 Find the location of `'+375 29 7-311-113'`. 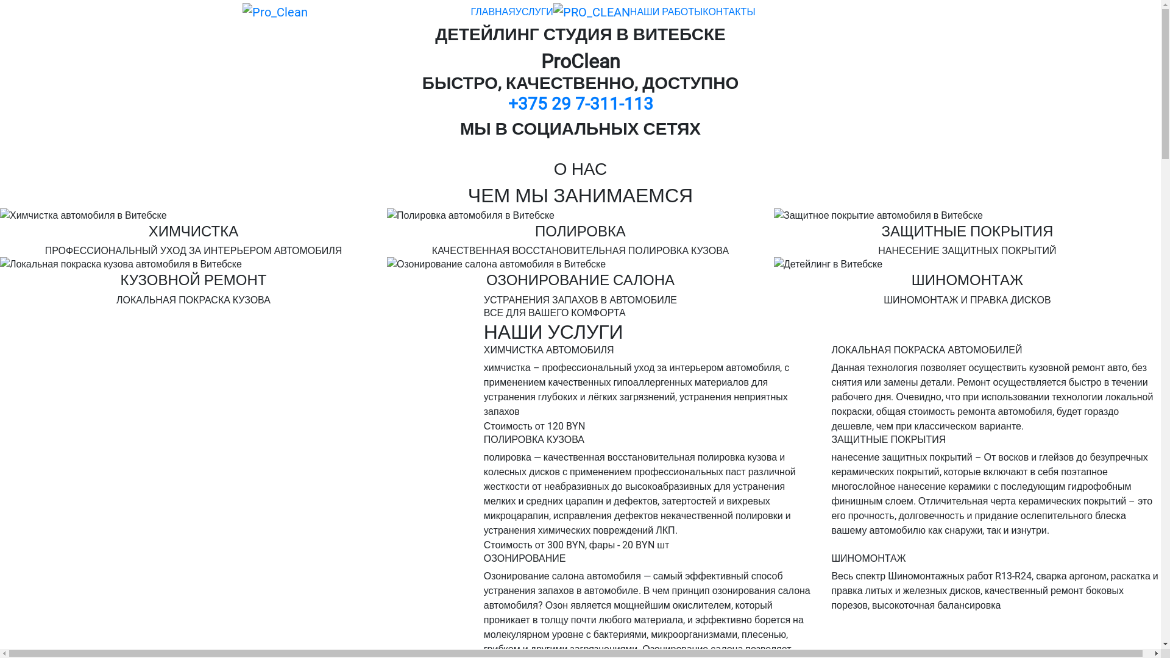

'+375 29 7-311-113' is located at coordinates (508, 103).